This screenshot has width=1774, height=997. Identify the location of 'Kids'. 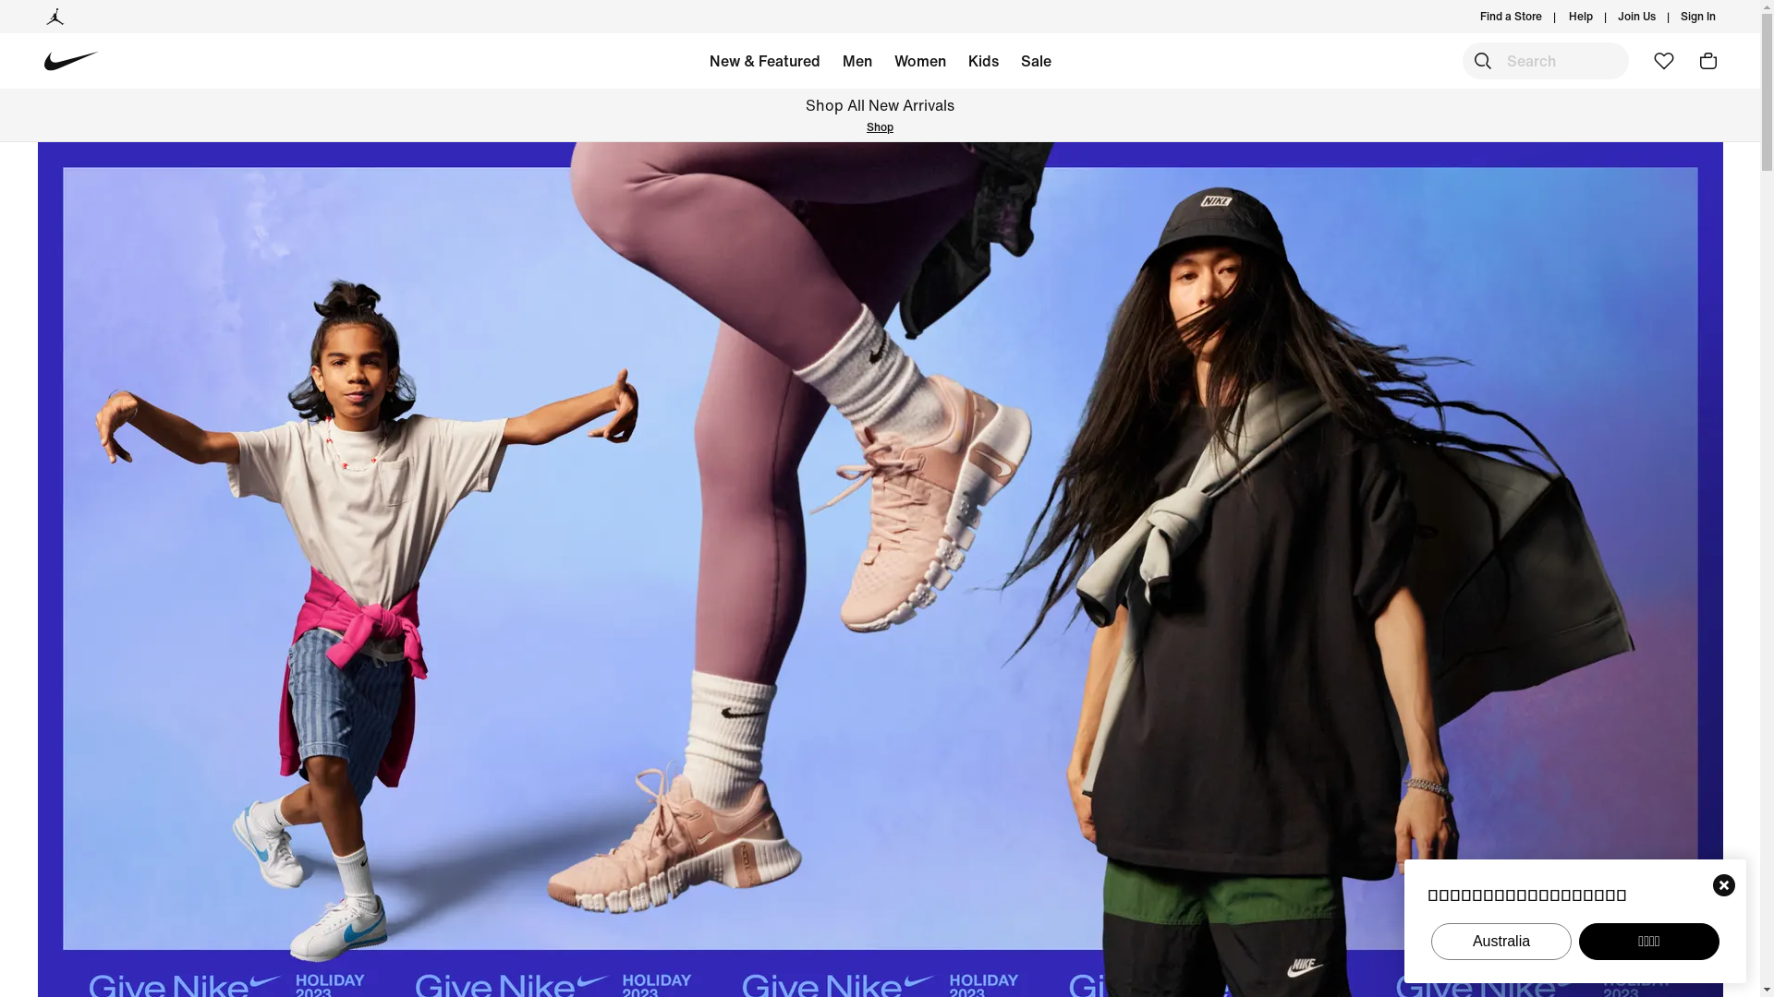
(982, 63).